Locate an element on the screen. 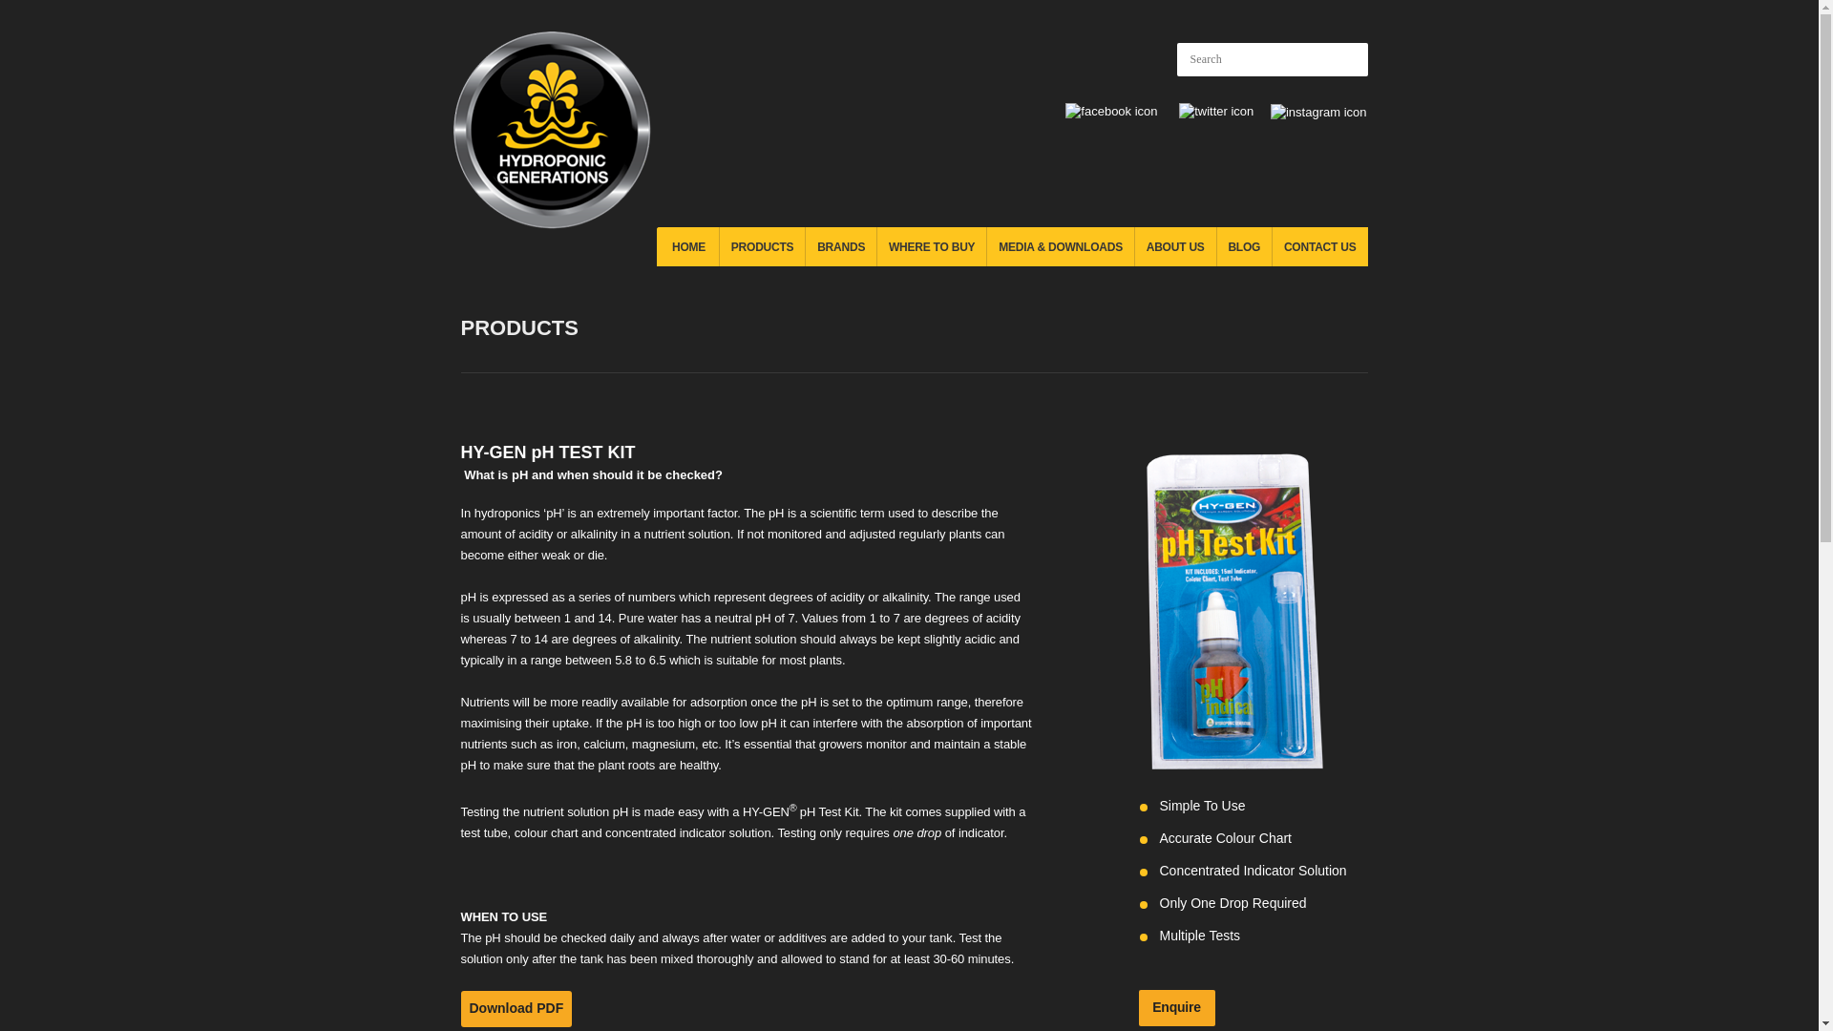 The width and height of the screenshot is (1833, 1031). 'Enquire' is located at coordinates (1175, 1007).